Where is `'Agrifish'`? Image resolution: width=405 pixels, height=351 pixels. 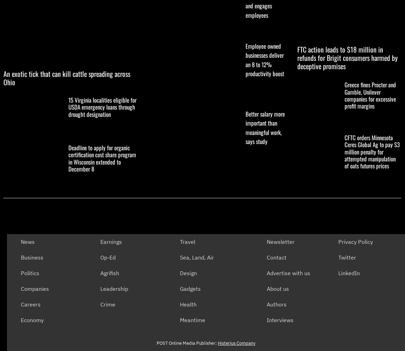
'Agrifish' is located at coordinates (100, 273).